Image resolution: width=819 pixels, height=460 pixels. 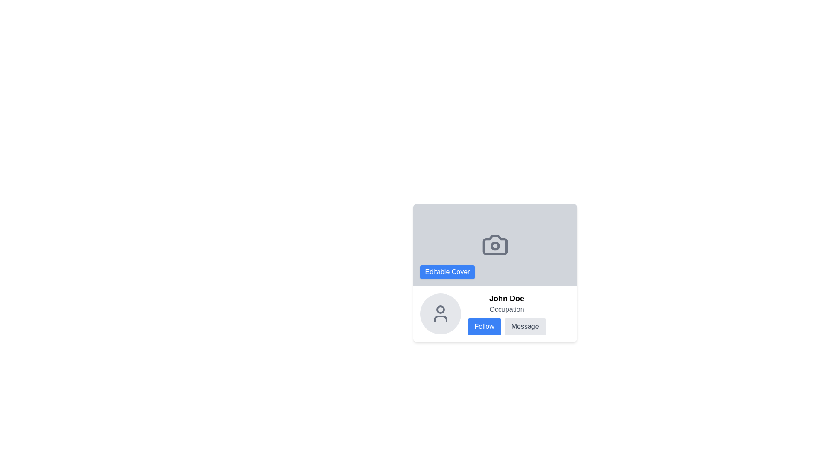 What do you see at coordinates (495, 246) in the screenshot?
I see `the decorative graphical element within the camera icon to assess the color change on hover` at bounding box center [495, 246].